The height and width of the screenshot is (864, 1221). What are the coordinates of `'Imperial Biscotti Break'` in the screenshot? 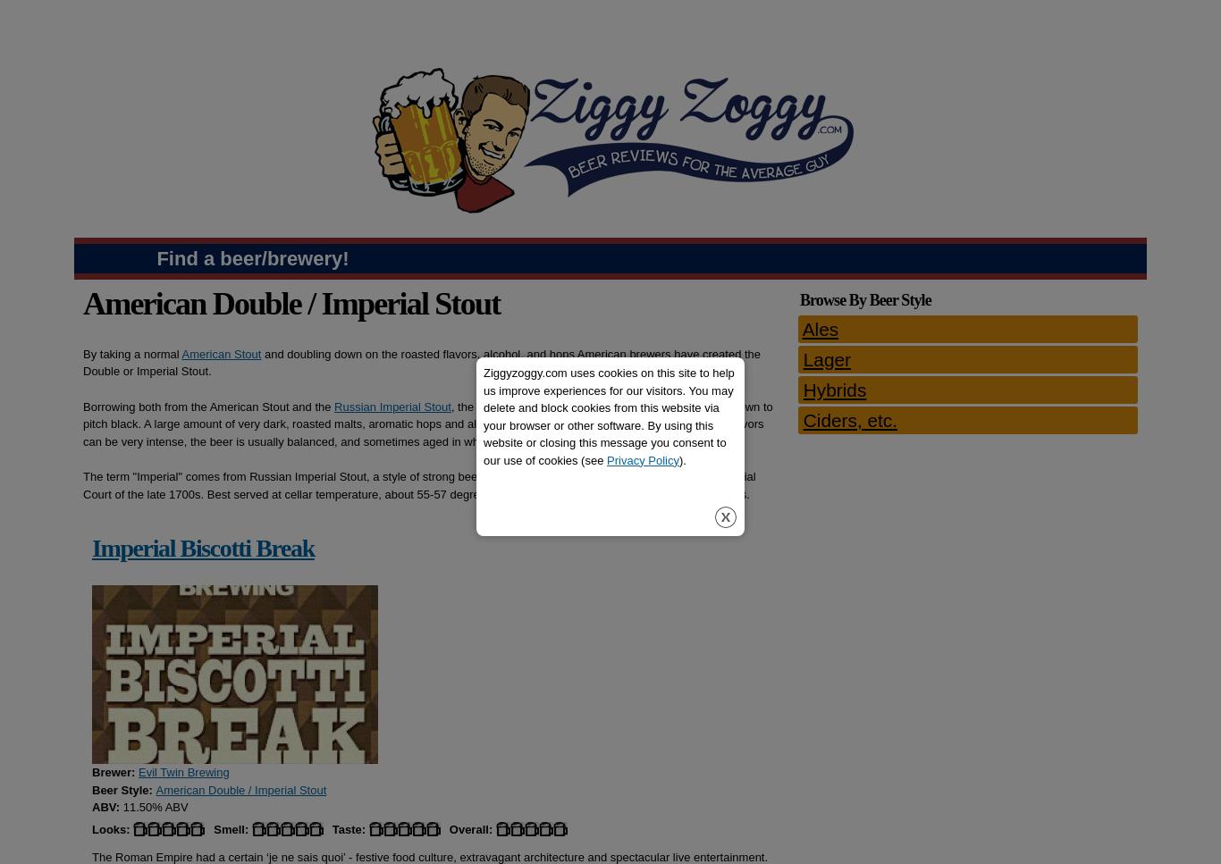 It's located at (91, 548).